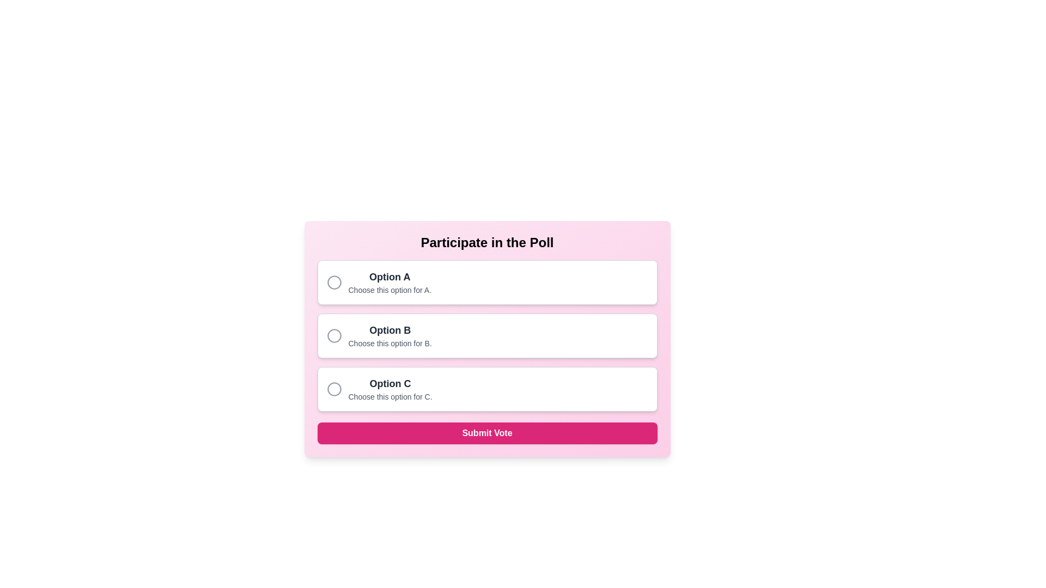 This screenshot has width=1046, height=588. Describe the element at coordinates (486, 339) in the screenshot. I see `the radio button option for 'Option B'` at that location.